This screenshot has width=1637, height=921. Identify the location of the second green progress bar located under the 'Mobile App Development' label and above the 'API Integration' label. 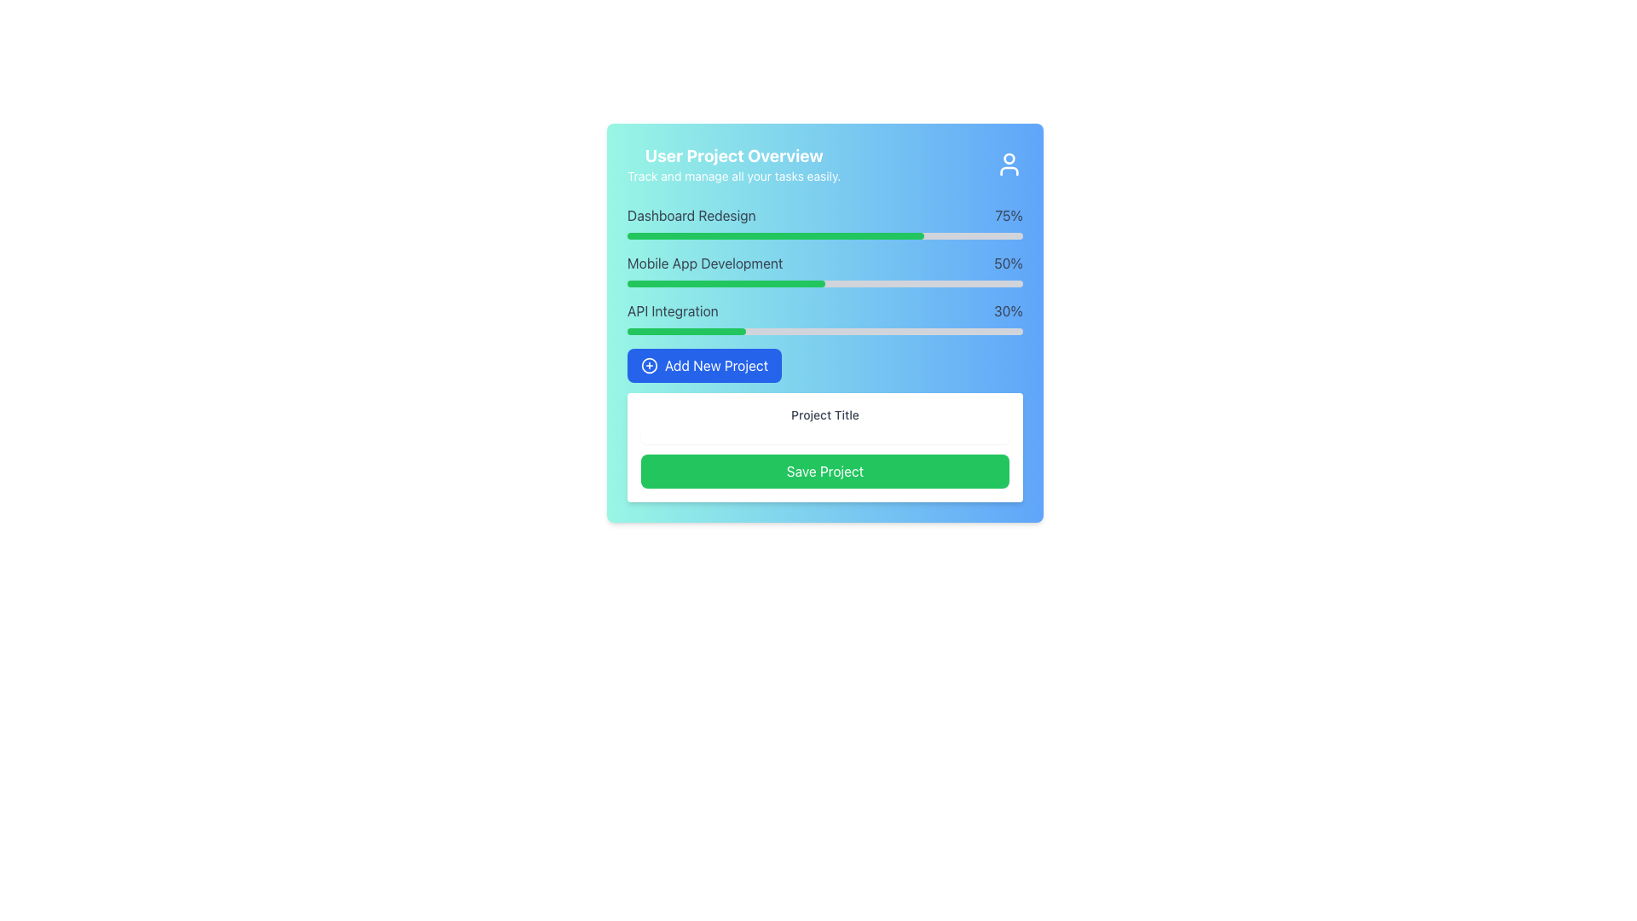
(726, 282).